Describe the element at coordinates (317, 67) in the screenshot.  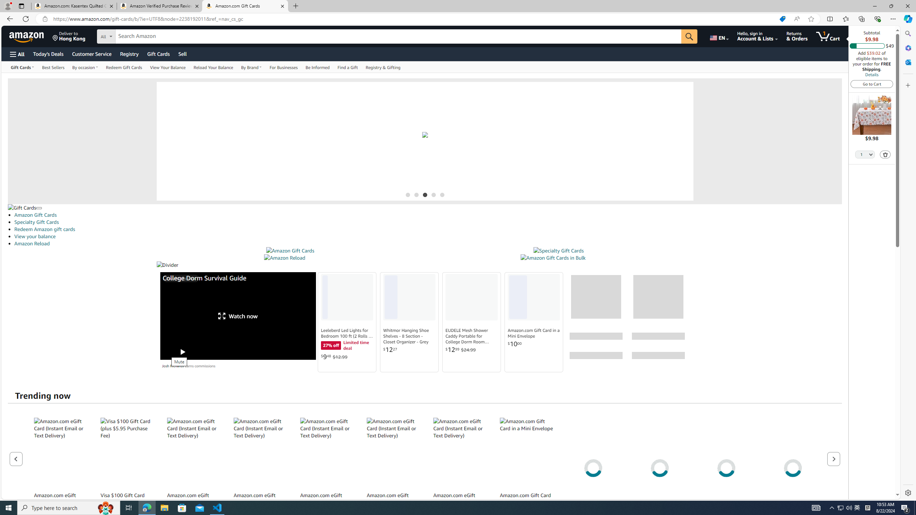
I see `'Be Informed'` at that location.